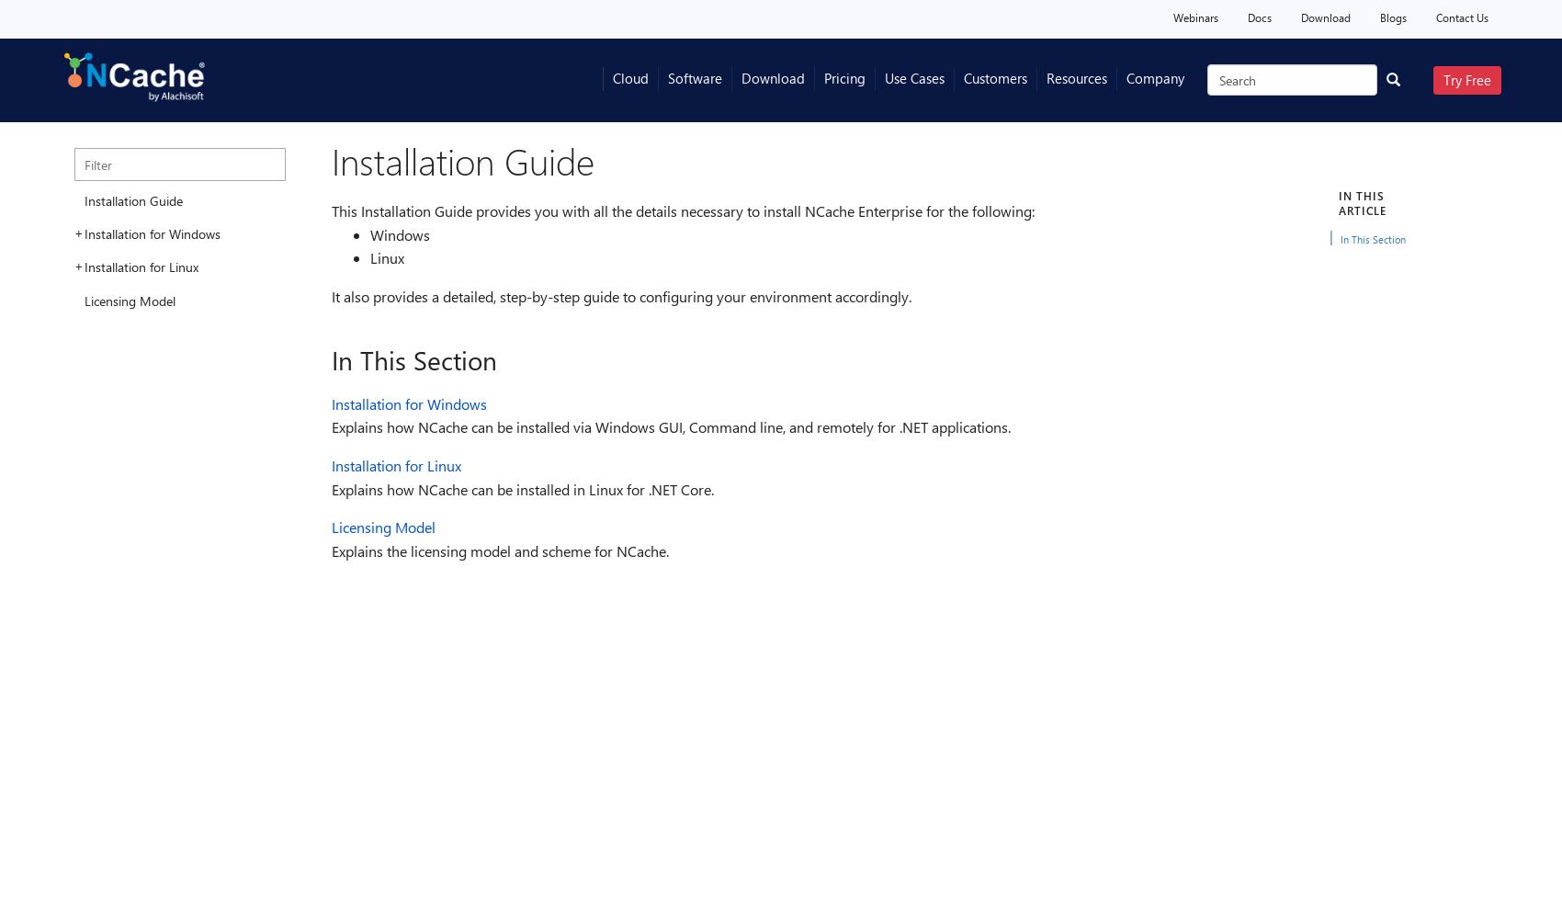 The height and width of the screenshot is (919, 1562). Describe the element at coordinates (1462, 17) in the screenshot. I see `'Contact Us'` at that location.